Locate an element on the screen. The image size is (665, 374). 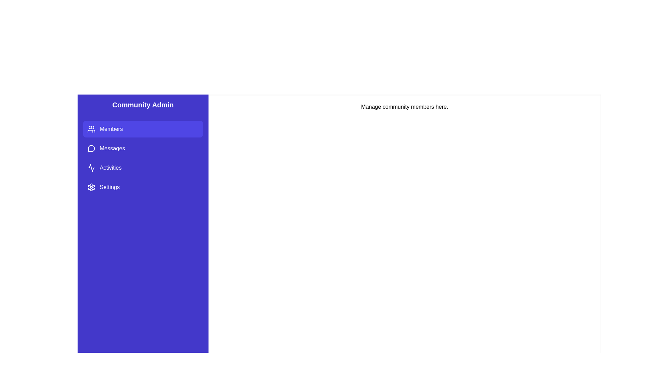
the 'Messages' button in the vertical navigation menu, which is the second item below 'Members' and above 'Activities' is located at coordinates (142, 148).